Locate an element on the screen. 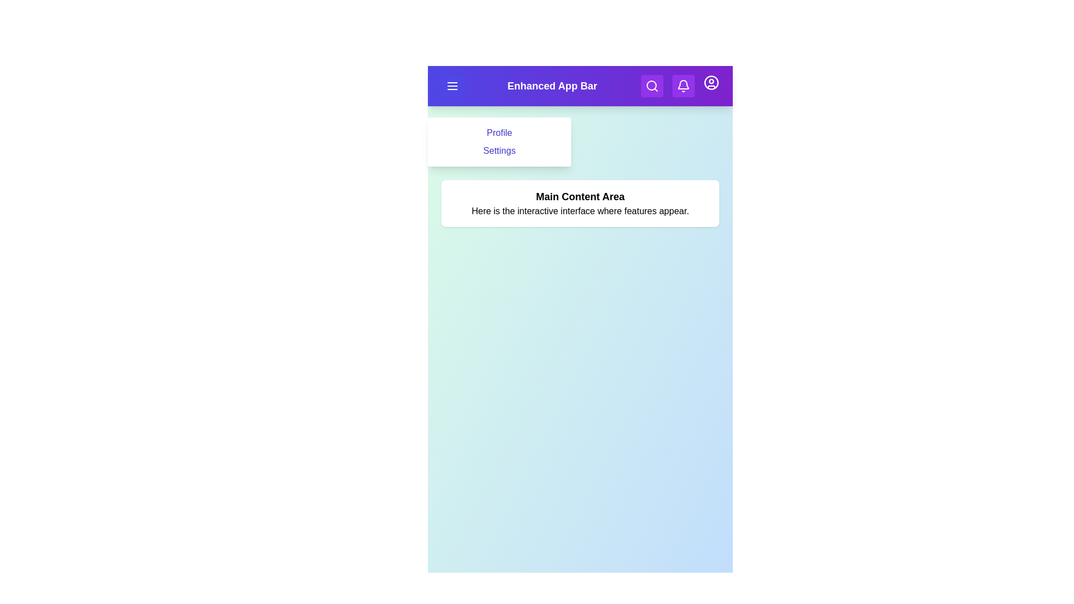  the main content area to focus on it is located at coordinates (580, 203).